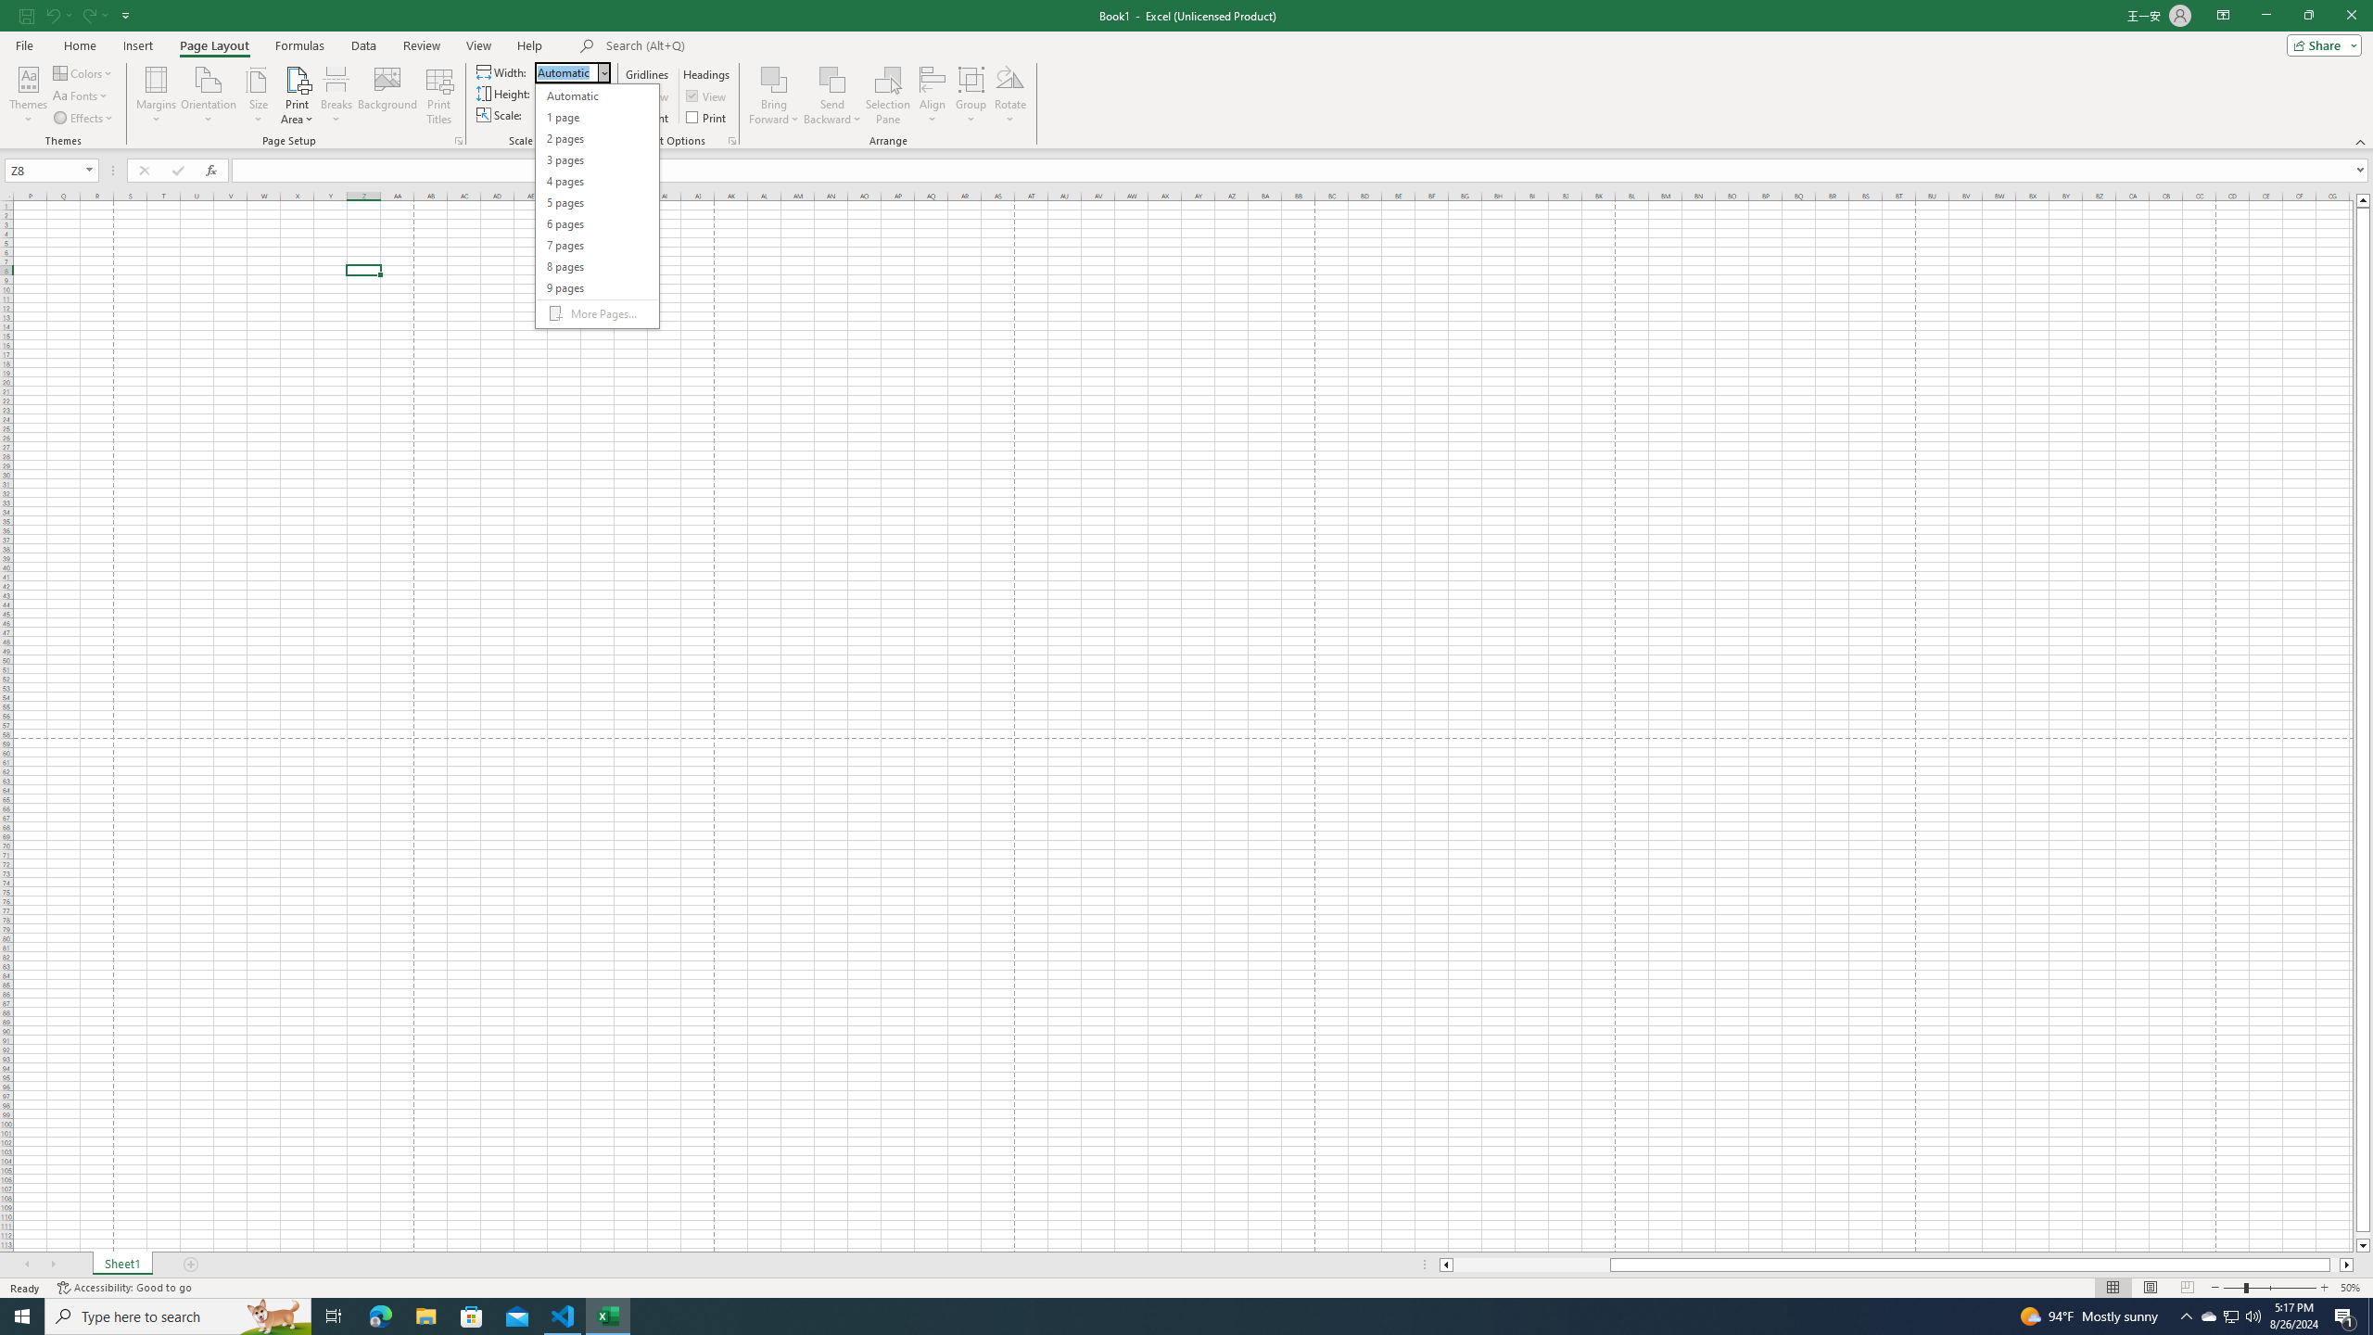 This screenshot has width=2373, height=1335. Describe the element at coordinates (387, 95) in the screenshot. I see `'Background...'` at that location.